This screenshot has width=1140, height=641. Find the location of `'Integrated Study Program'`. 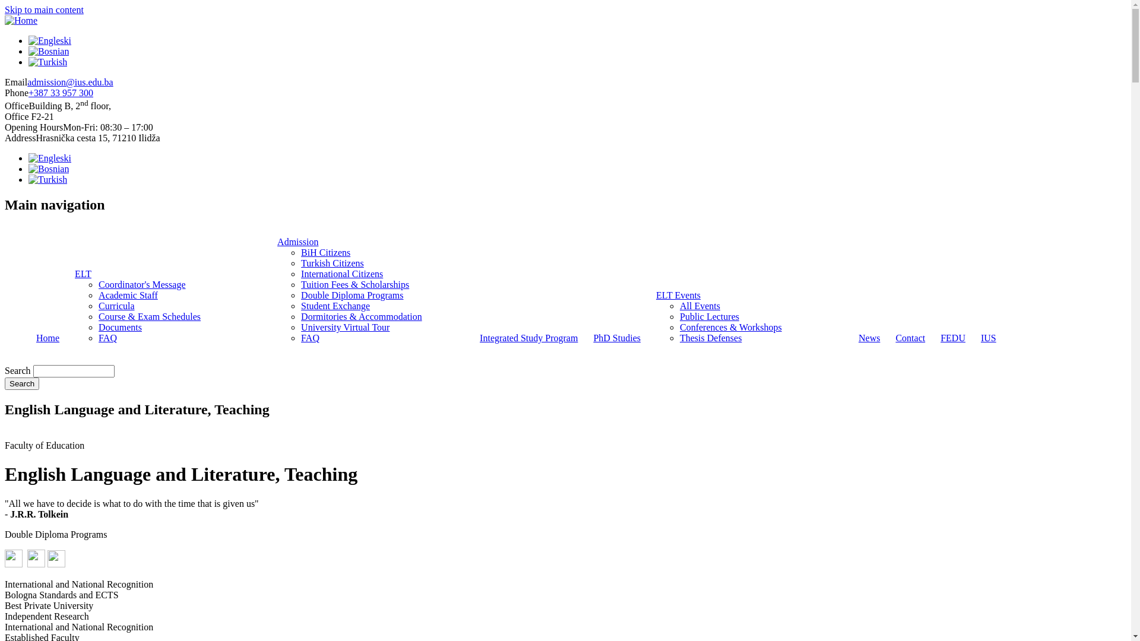

'Integrated Study Program' is located at coordinates (479, 338).